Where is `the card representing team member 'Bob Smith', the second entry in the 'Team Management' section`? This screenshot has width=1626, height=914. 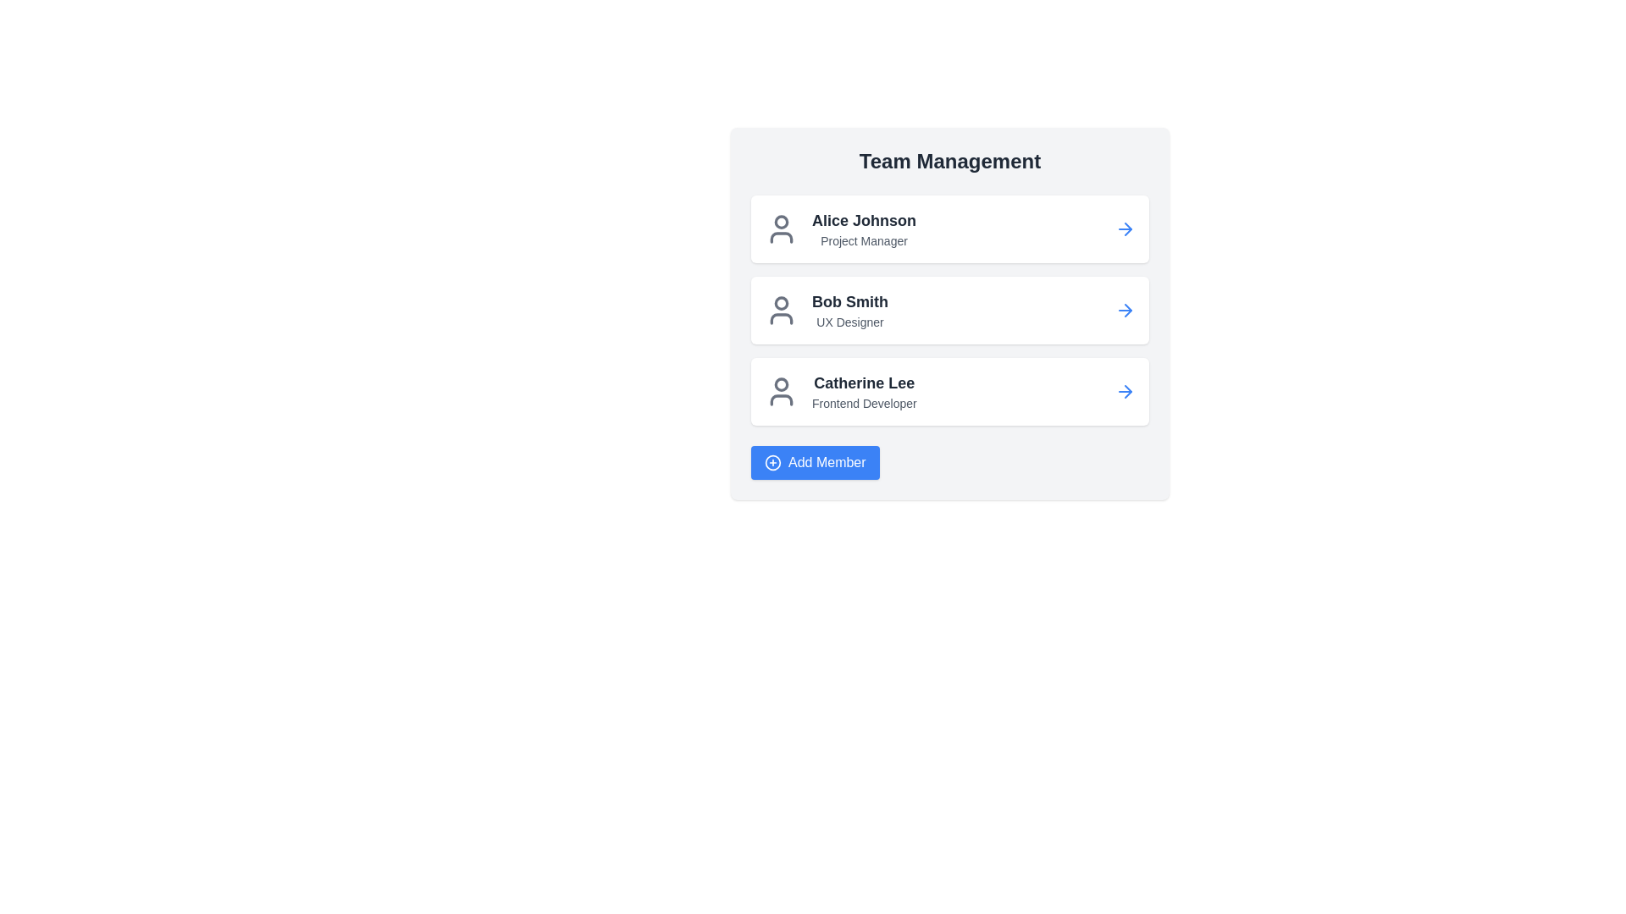 the card representing team member 'Bob Smith', the second entry in the 'Team Management' section is located at coordinates (950, 310).